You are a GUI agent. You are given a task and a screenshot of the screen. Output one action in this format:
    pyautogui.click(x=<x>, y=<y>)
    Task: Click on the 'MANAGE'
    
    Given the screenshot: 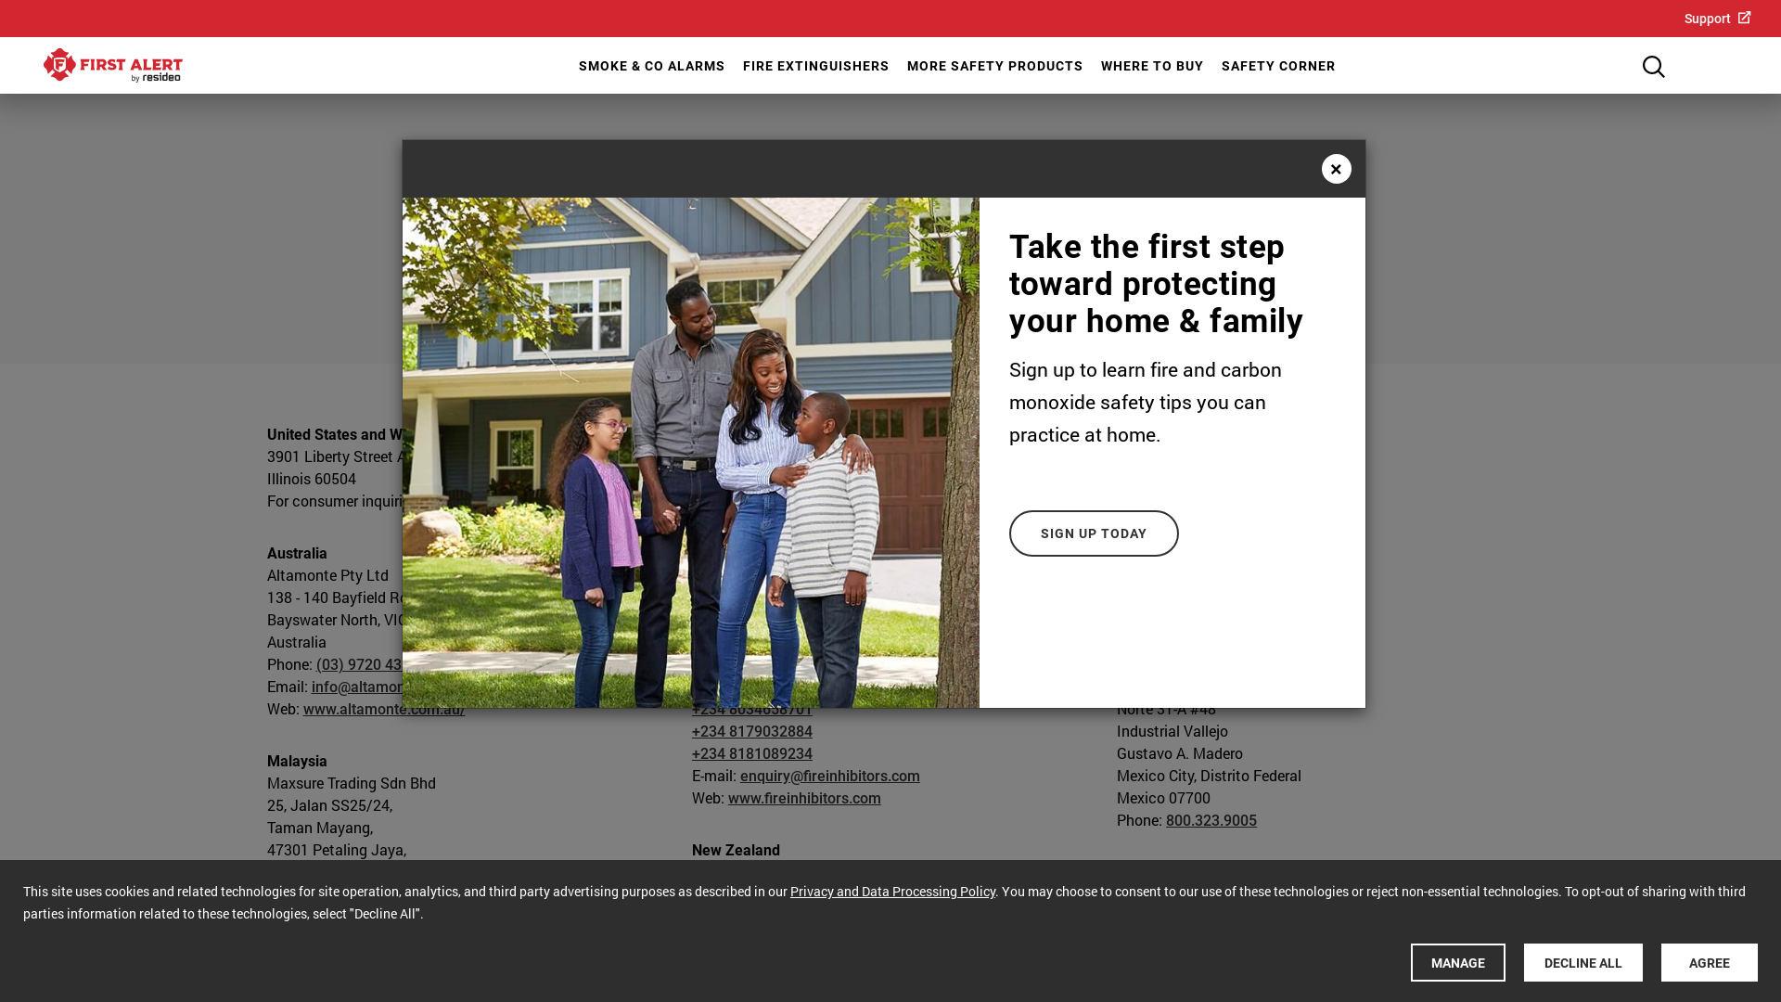 What is the action you would take?
    pyautogui.click(x=1457, y=961)
    